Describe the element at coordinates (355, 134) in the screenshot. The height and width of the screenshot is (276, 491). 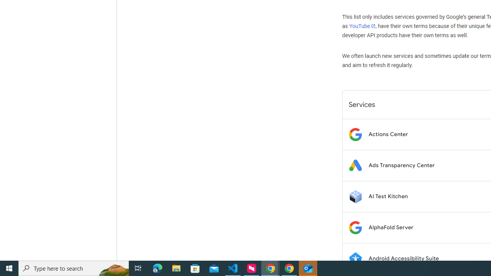
I see `'Logo for Actions Center'` at that location.